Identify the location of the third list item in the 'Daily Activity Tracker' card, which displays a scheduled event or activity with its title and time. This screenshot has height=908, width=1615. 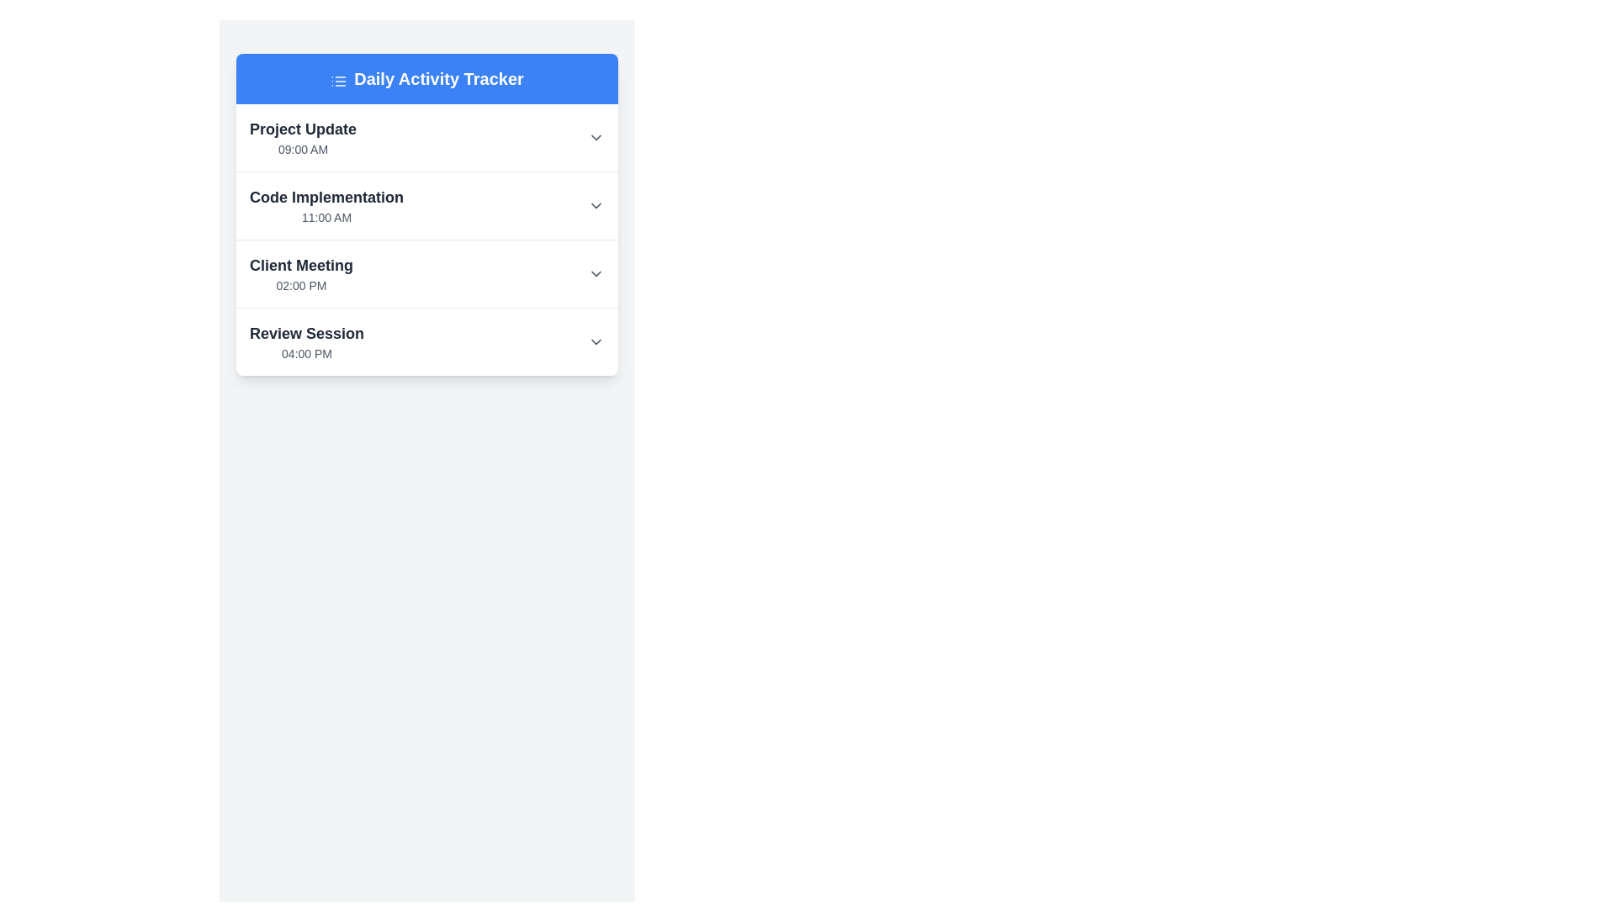
(301, 273).